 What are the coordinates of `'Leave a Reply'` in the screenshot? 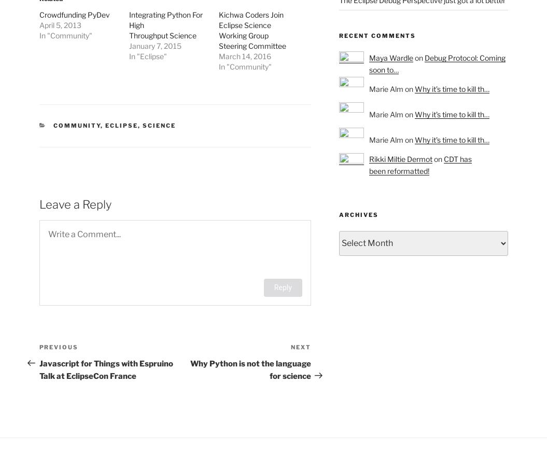 It's located at (75, 203).